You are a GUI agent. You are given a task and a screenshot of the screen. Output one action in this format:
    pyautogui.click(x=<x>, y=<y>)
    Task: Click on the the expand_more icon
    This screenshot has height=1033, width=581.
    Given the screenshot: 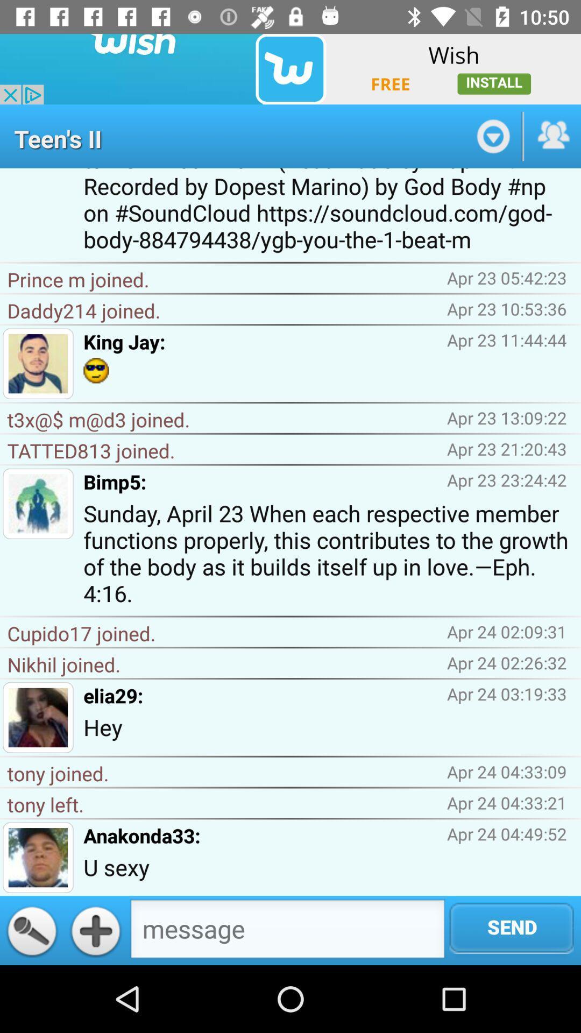 What is the action you would take?
    pyautogui.click(x=492, y=136)
    